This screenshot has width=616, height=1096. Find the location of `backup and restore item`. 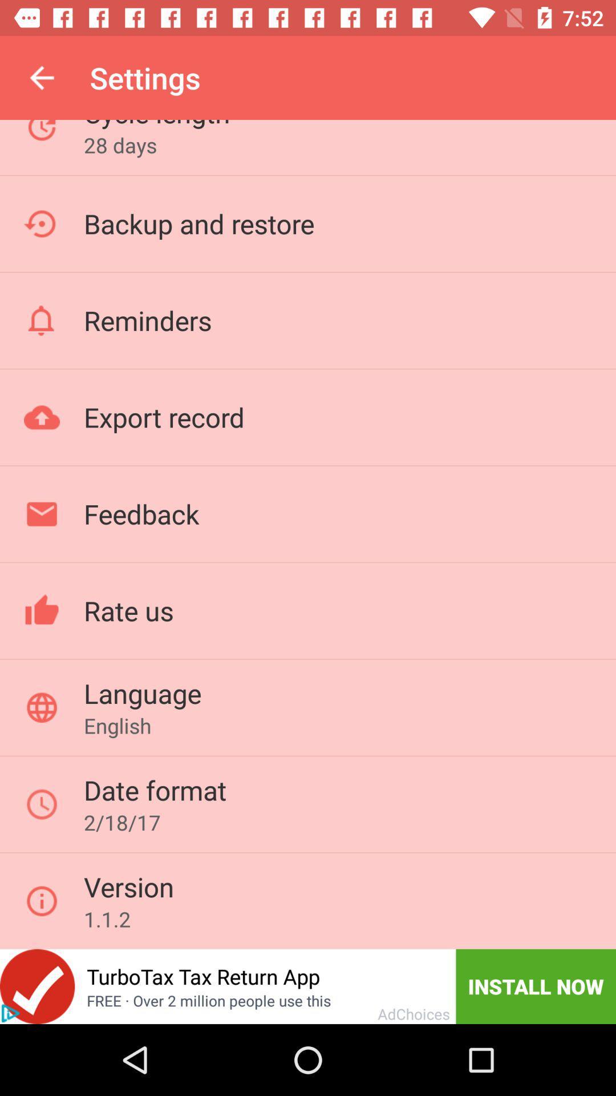

backup and restore item is located at coordinates (198, 223).